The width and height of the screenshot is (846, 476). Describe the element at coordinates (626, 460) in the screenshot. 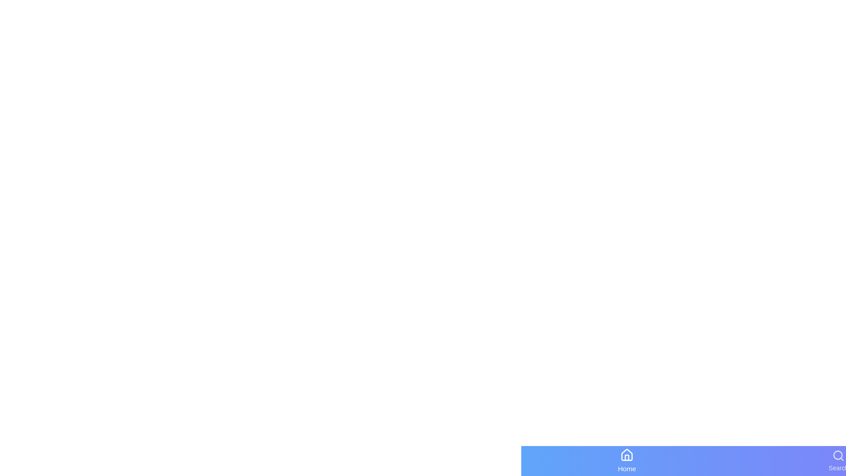

I see `the navigation item Home by clicking on it` at that location.